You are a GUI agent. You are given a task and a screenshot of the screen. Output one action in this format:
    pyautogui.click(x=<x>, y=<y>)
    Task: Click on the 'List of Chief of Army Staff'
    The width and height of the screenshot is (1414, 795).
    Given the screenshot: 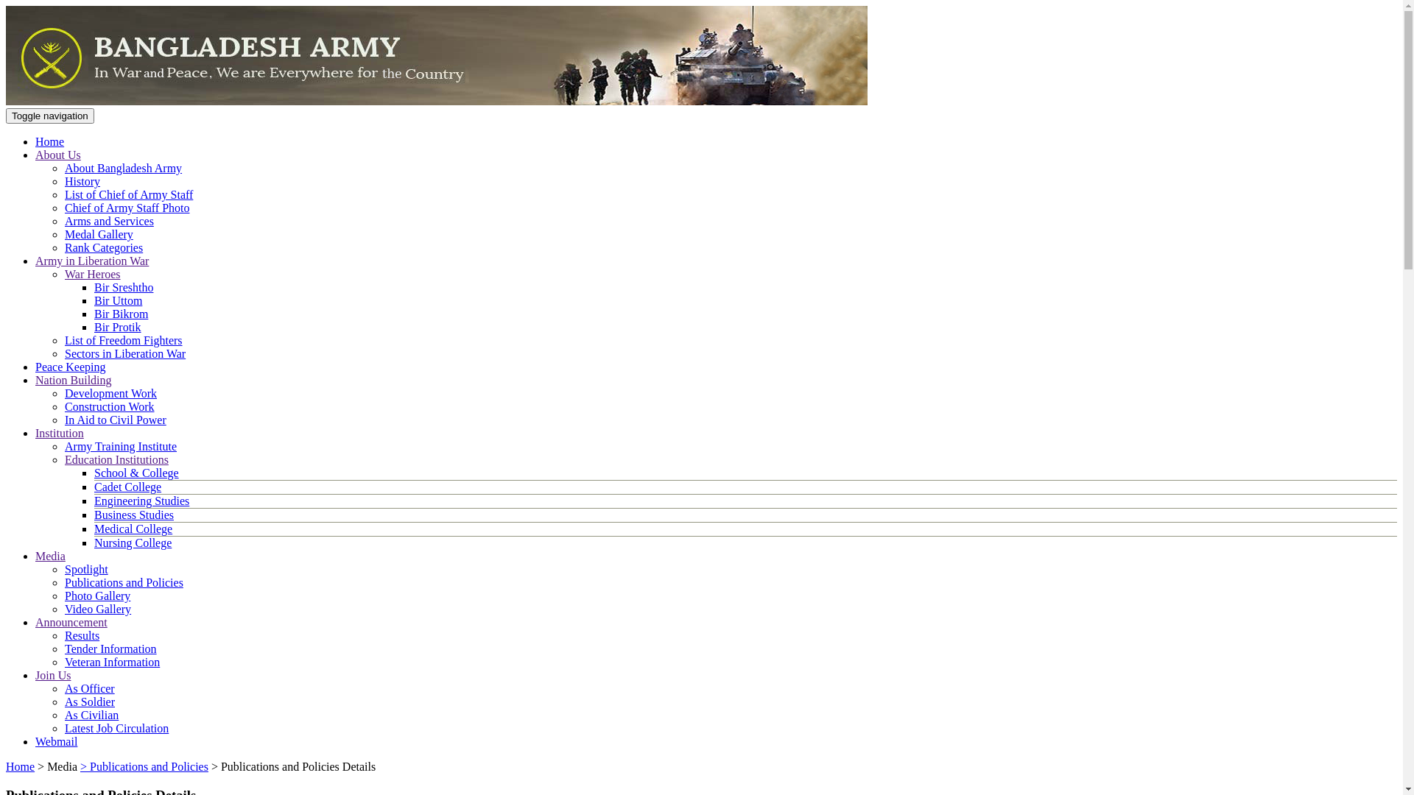 What is the action you would take?
    pyautogui.click(x=128, y=194)
    